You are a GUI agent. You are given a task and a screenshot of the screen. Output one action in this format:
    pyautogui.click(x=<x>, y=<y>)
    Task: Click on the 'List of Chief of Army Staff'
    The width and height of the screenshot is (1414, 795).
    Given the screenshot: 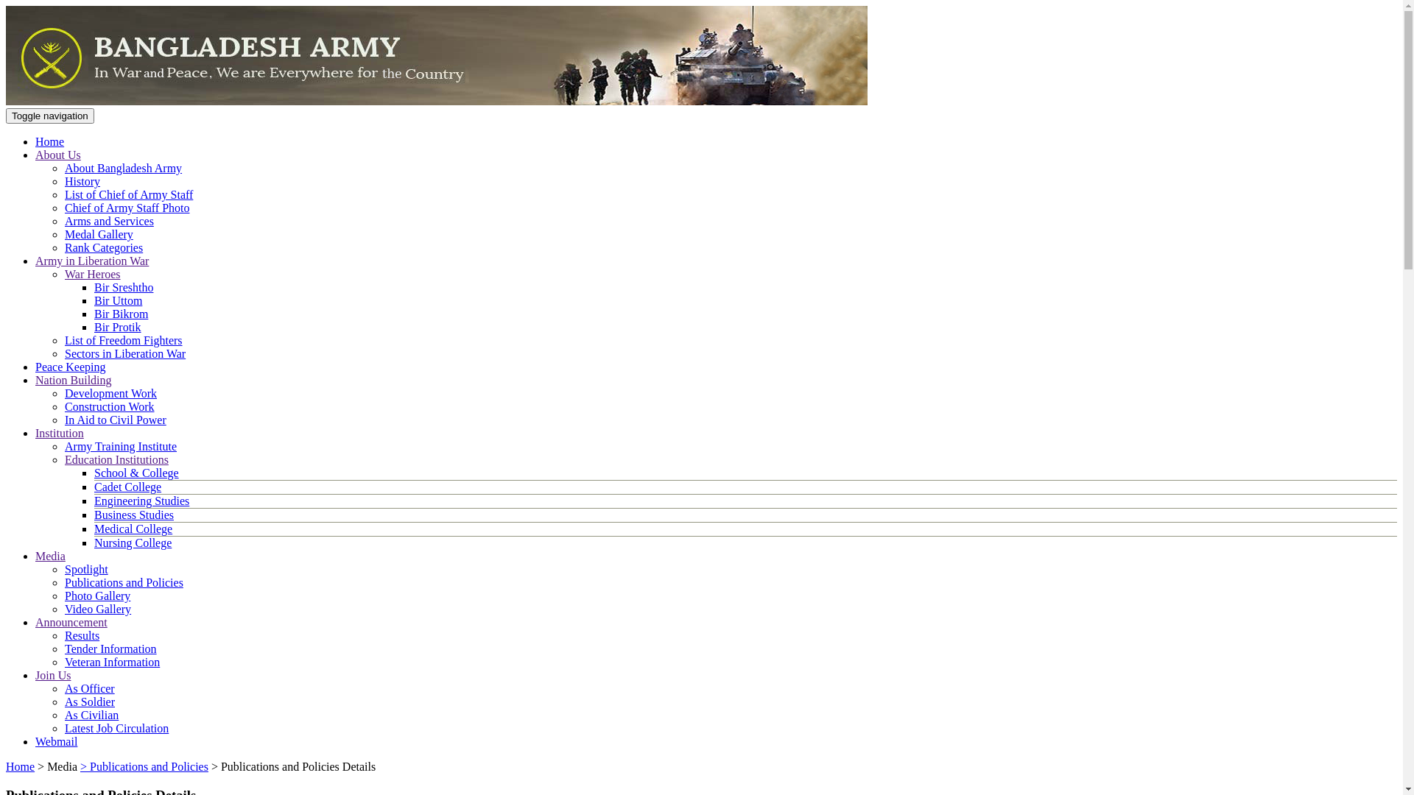 What is the action you would take?
    pyautogui.click(x=128, y=194)
    